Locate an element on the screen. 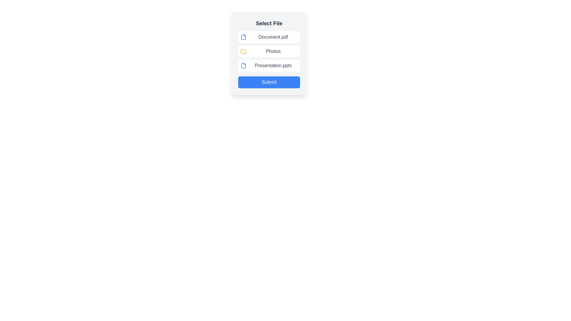 The image size is (571, 321). the yellow folder icon located to the left of the text 'Photos' in the selection list titled 'Select File' is located at coordinates (244, 51).